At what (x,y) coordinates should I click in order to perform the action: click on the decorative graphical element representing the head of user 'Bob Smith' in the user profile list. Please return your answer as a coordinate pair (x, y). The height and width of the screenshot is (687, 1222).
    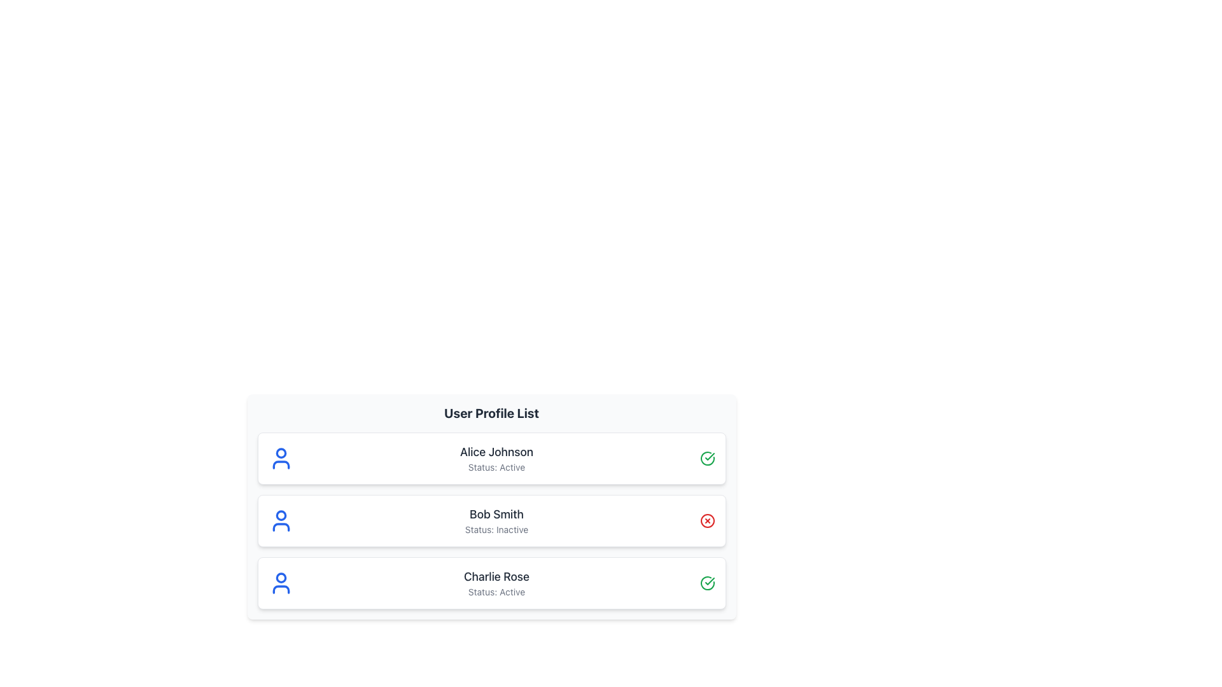
    Looking at the image, I should click on (280, 515).